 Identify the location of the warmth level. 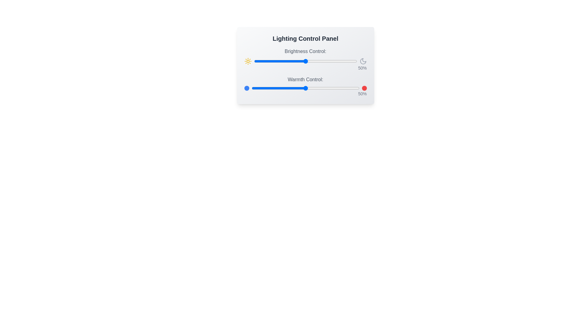
(287, 88).